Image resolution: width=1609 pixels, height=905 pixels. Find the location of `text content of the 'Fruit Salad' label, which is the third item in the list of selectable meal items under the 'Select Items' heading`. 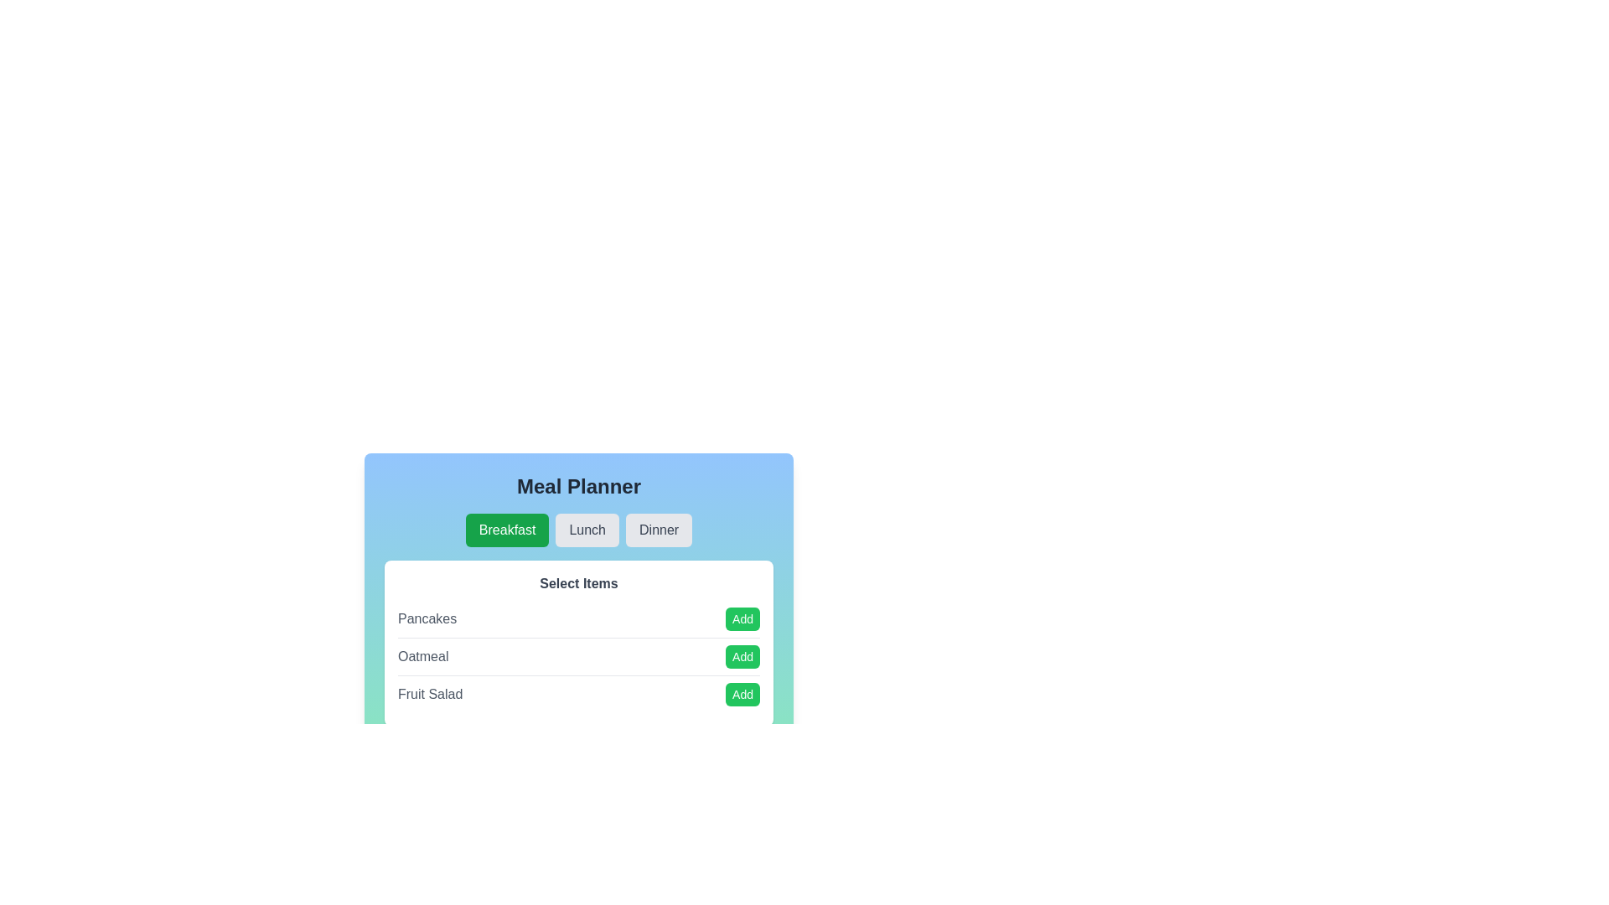

text content of the 'Fruit Salad' label, which is the third item in the list of selectable meal items under the 'Select Items' heading is located at coordinates (430, 695).